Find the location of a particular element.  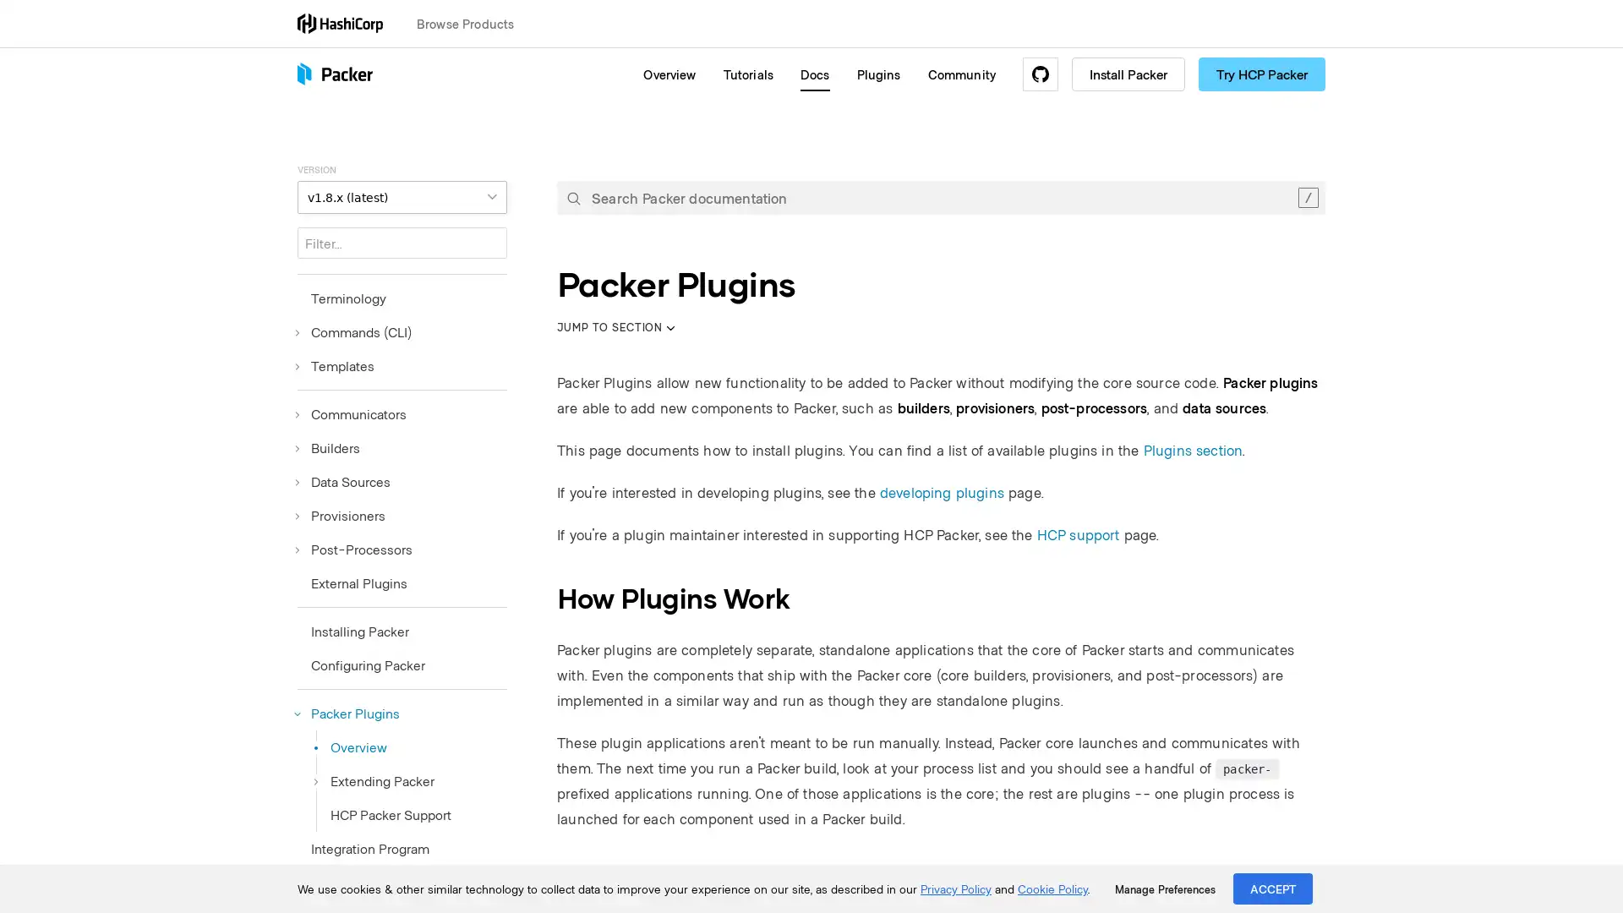

Data Sources is located at coordinates (343, 482).